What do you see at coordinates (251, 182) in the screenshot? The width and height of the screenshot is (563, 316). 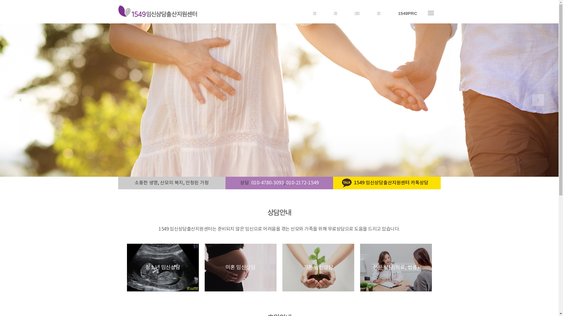 I see `'010-4780-3093'` at bounding box center [251, 182].